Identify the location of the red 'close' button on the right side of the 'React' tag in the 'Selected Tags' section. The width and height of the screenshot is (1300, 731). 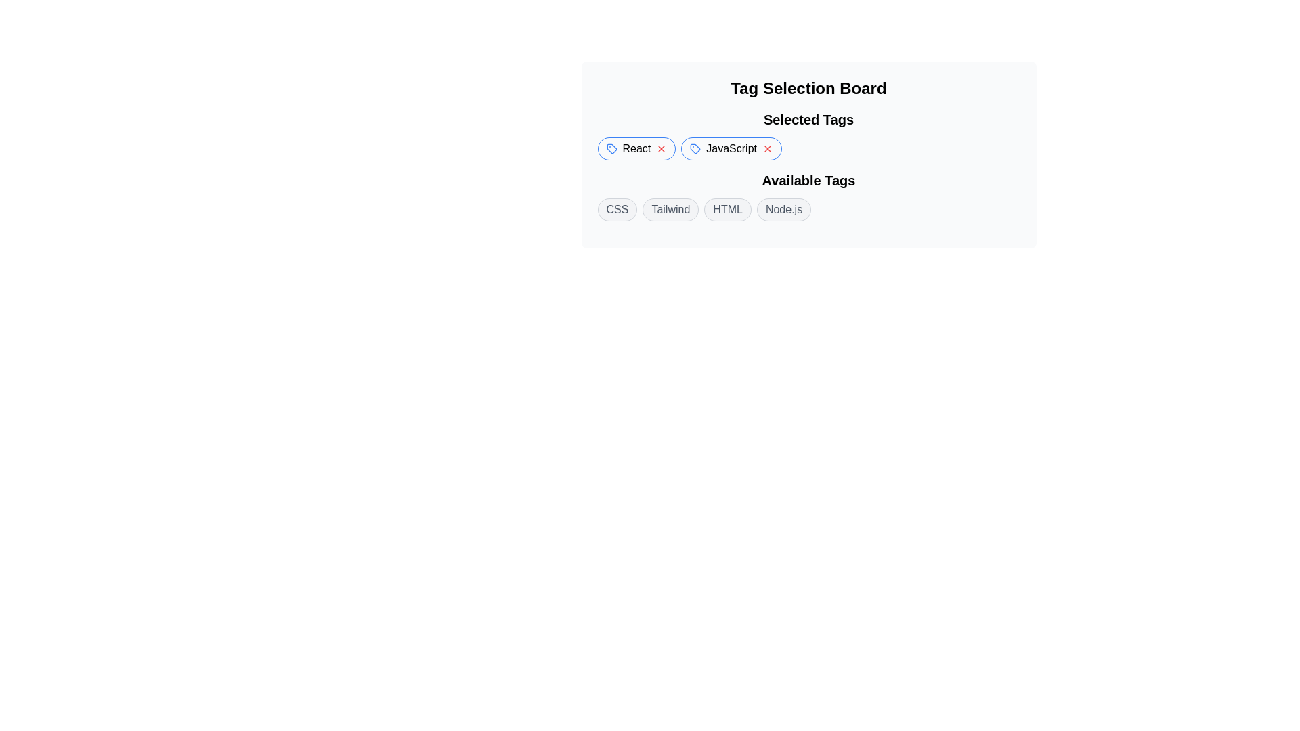
(662, 148).